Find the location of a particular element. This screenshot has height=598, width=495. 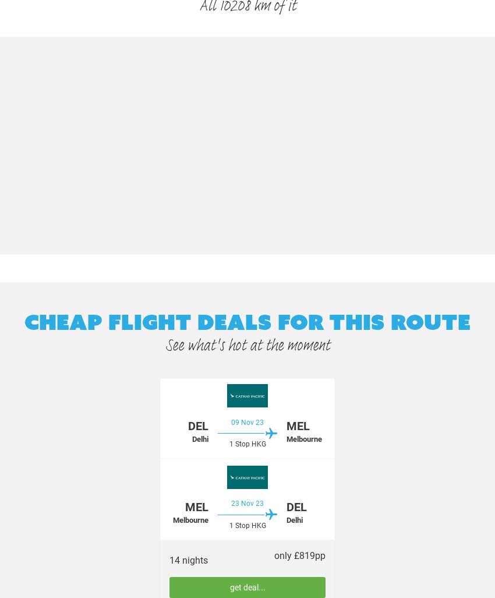

'Cheap flight deals for this route' is located at coordinates (23, 322).